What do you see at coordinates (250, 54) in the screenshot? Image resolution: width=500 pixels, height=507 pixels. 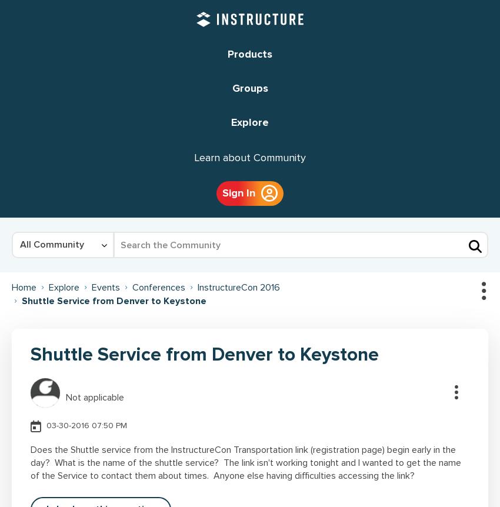 I see `'Products'` at bounding box center [250, 54].